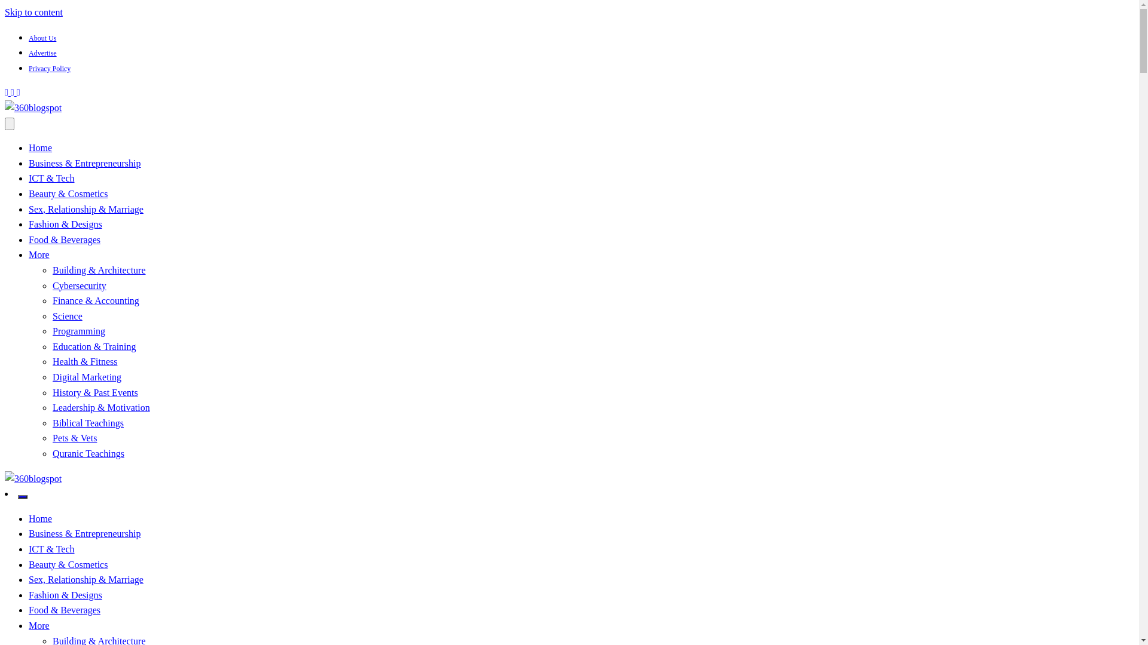 Image resolution: width=1148 pixels, height=645 pixels. Describe the element at coordinates (74, 438) in the screenshot. I see `'Pets & Vets'` at that location.